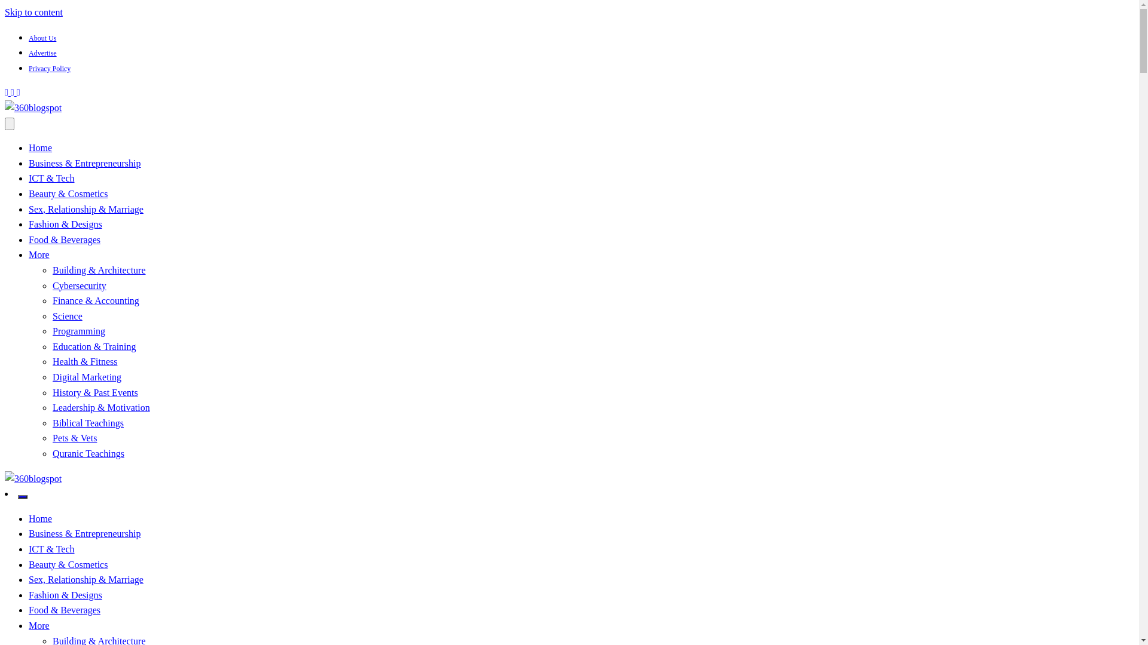 Image resolution: width=1148 pixels, height=645 pixels. Describe the element at coordinates (74, 438) in the screenshot. I see `'Pets & Vets'` at that location.